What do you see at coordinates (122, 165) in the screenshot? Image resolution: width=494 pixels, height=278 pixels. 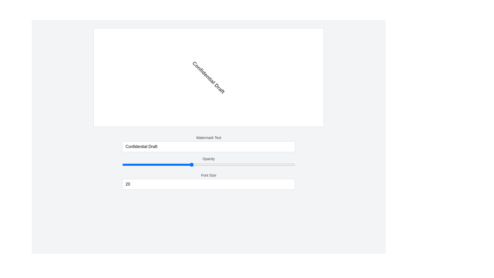 I see `the opacity slider` at bounding box center [122, 165].